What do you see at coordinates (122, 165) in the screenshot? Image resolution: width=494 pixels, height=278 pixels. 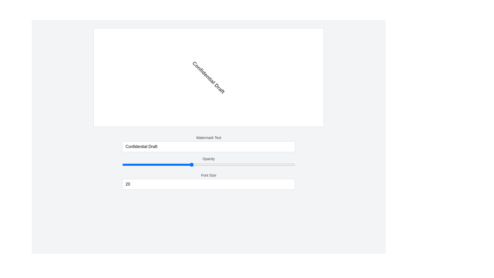 I see `the opacity slider` at bounding box center [122, 165].